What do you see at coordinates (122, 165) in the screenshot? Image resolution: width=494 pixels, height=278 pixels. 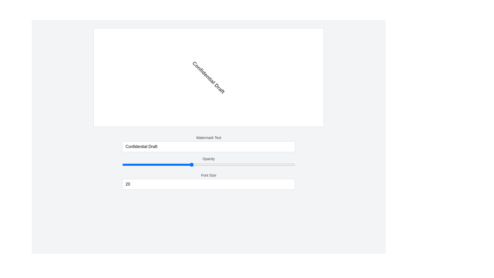 I see `the opacity slider` at bounding box center [122, 165].